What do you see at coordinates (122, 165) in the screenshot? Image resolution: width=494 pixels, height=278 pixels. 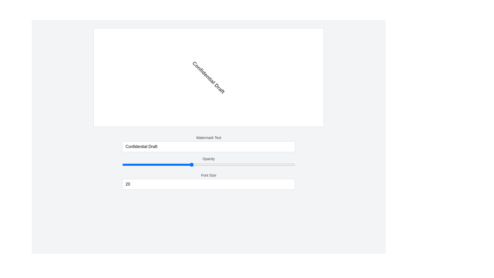 I see `the opacity slider` at bounding box center [122, 165].